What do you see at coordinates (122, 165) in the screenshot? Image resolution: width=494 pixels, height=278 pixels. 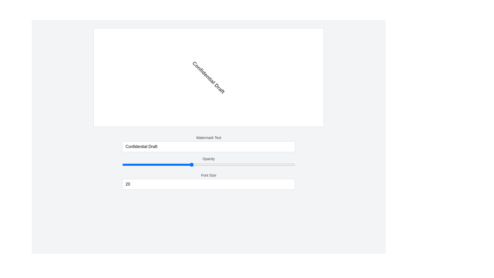 I see `the opacity slider` at bounding box center [122, 165].